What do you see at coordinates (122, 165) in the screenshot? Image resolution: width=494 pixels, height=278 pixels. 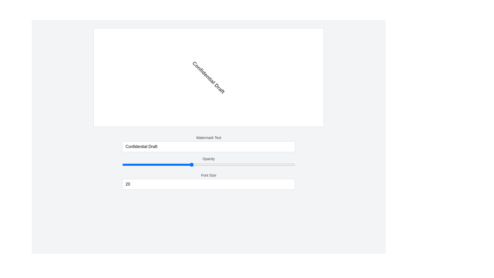 I see `the opacity slider` at bounding box center [122, 165].